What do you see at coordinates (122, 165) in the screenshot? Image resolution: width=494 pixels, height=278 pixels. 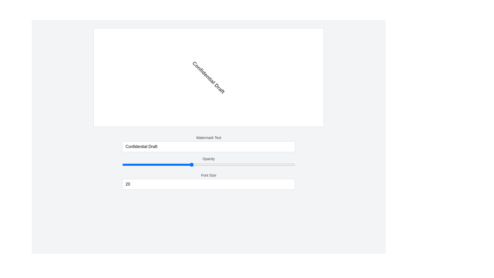 I see `the opacity slider` at bounding box center [122, 165].